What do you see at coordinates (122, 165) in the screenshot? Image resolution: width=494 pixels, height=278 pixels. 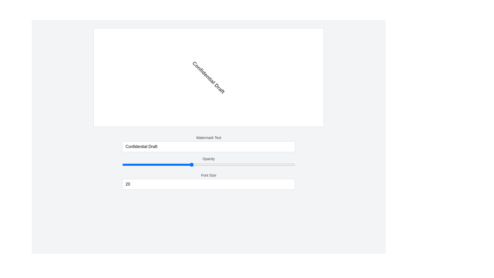 I see `the opacity slider` at bounding box center [122, 165].